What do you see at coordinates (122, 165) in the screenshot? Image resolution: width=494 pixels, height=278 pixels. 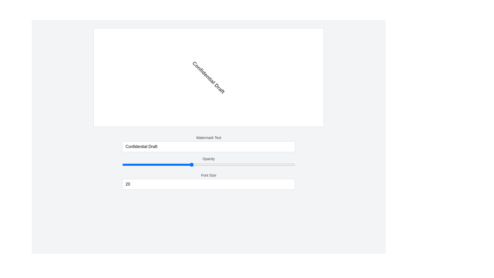 I see `the opacity slider` at bounding box center [122, 165].